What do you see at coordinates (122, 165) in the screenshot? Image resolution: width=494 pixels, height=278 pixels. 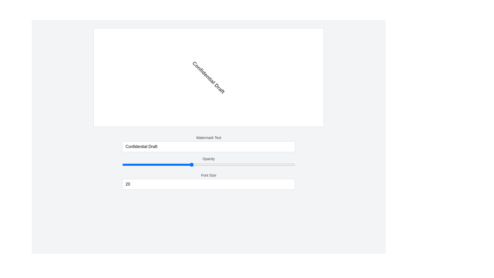 I see `the opacity slider` at bounding box center [122, 165].